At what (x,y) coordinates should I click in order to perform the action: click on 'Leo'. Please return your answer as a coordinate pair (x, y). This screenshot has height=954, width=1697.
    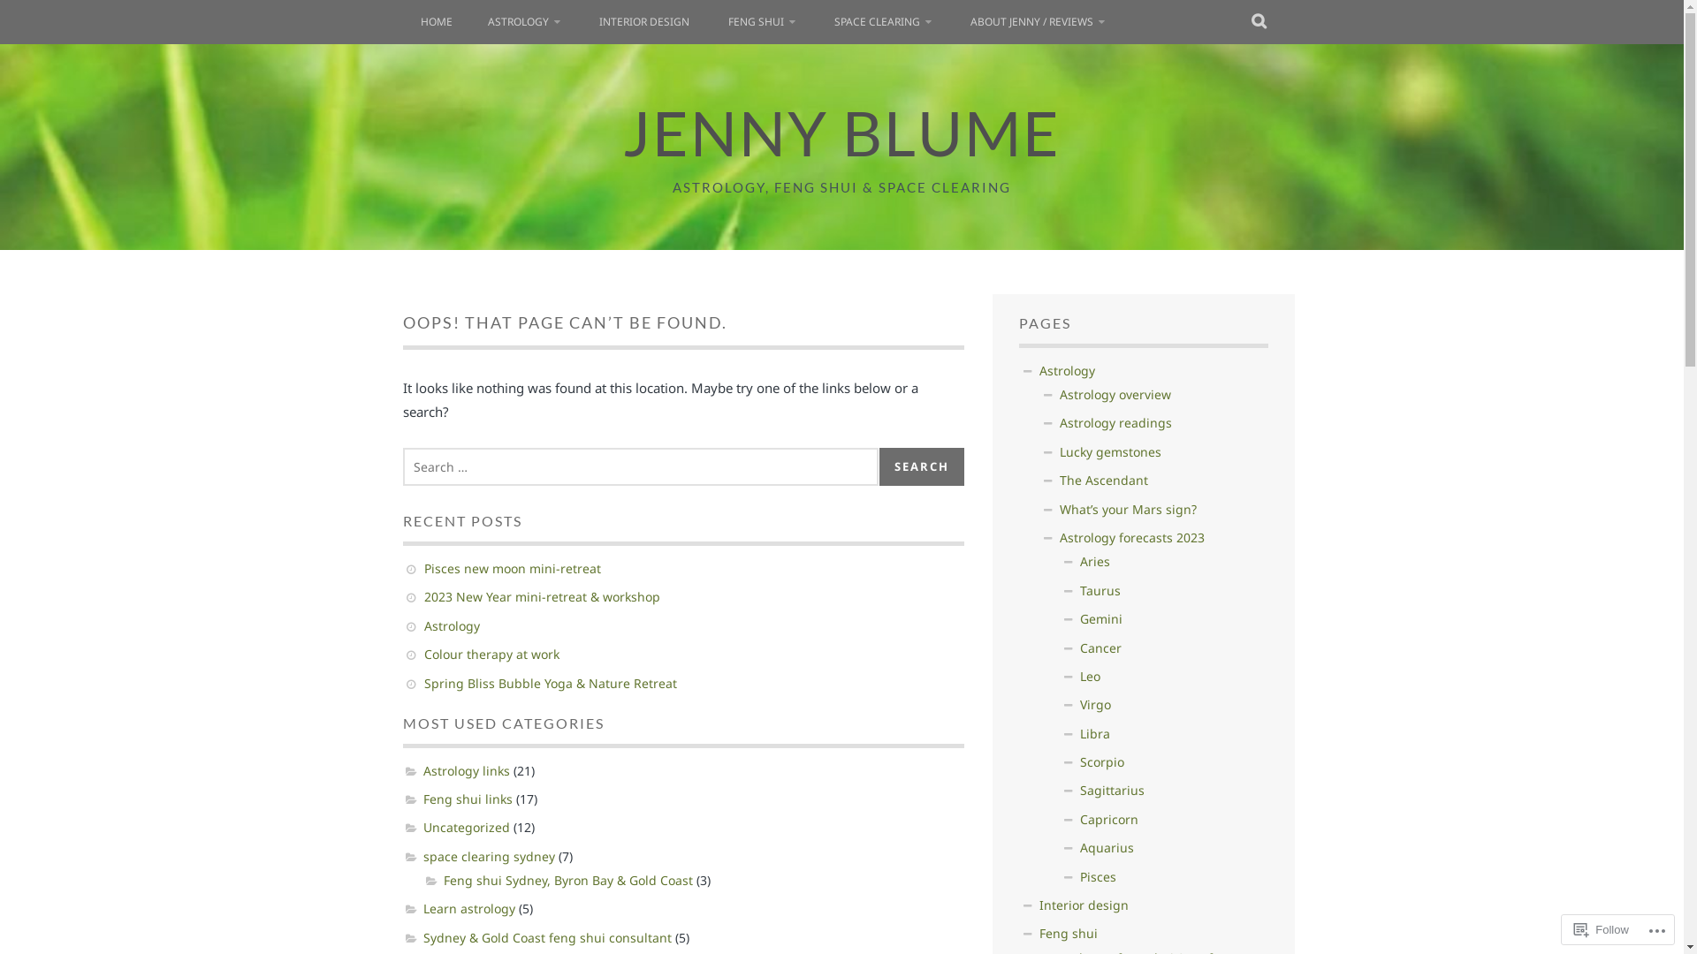
    Looking at the image, I should click on (1089, 676).